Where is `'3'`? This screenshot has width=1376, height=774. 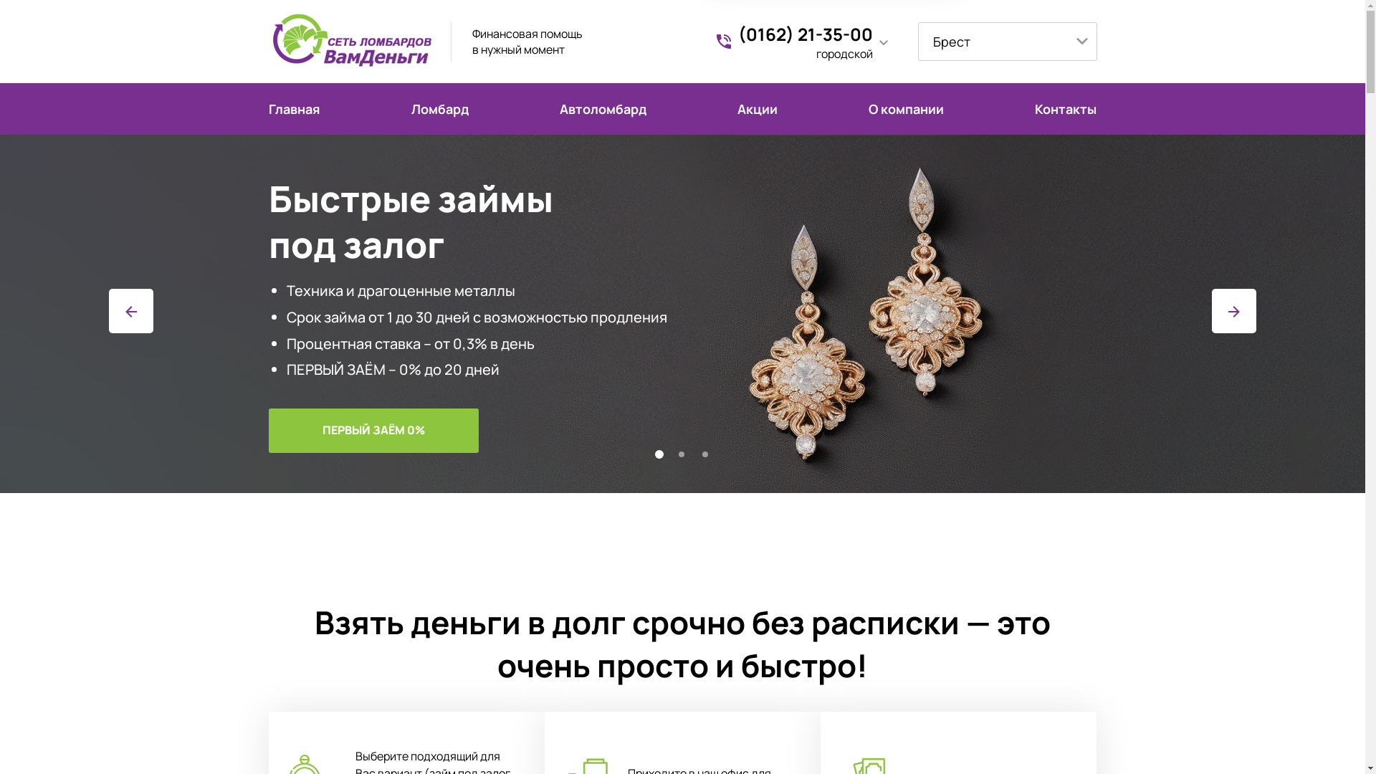 '3' is located at coordinates (709, 457).